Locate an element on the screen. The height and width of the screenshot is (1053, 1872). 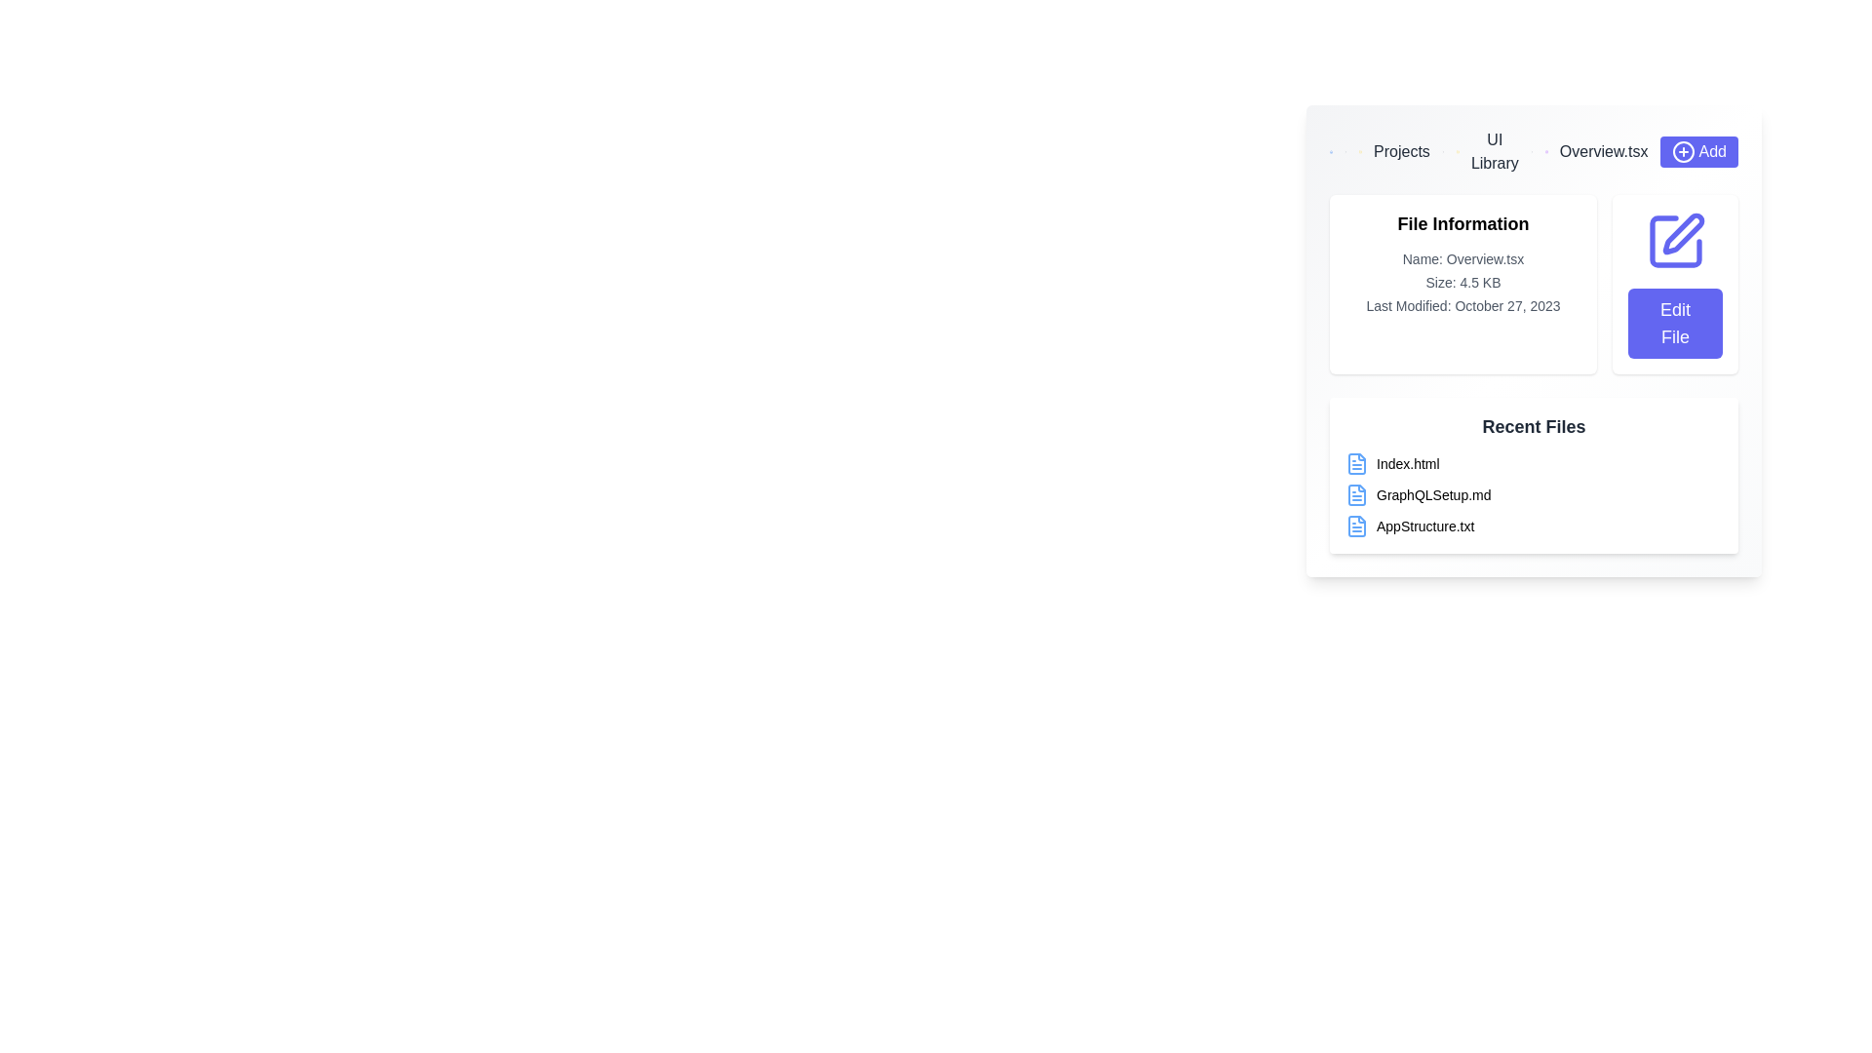
the 'Overview.tsx' breadcrumb in the navigation bar is located at coordinates (1604, 150).